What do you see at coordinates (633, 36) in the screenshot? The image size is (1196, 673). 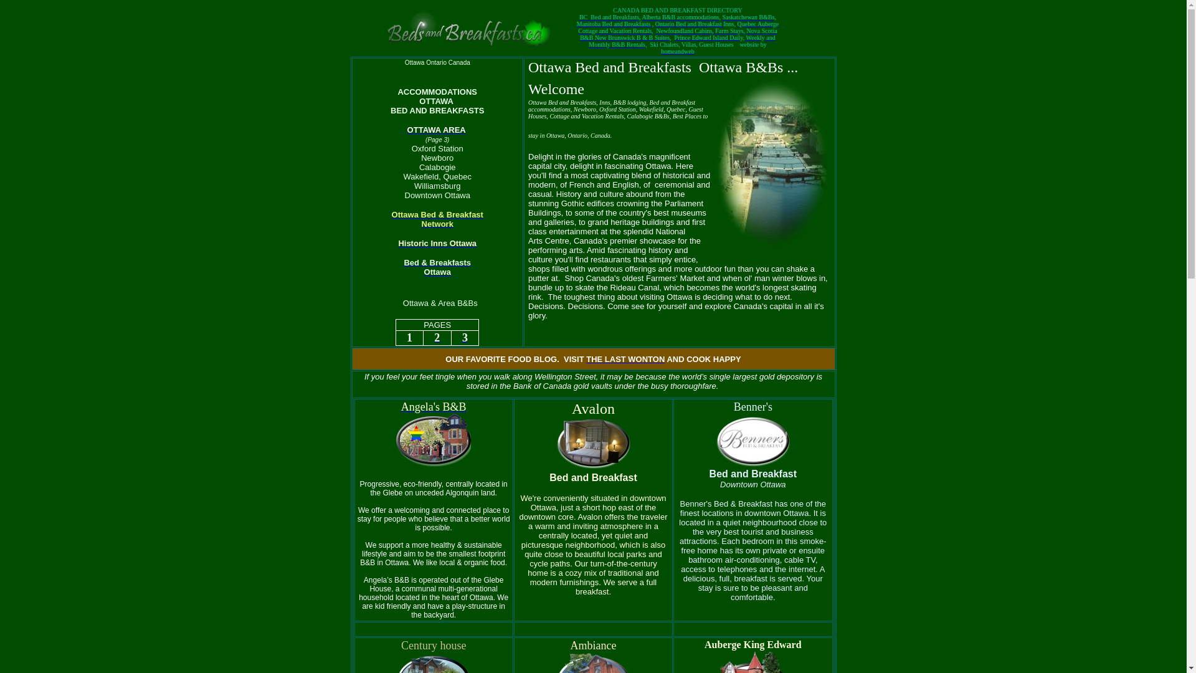 I see `'New Brunswick B & B Suites,'` at bounding box center [633, 36].